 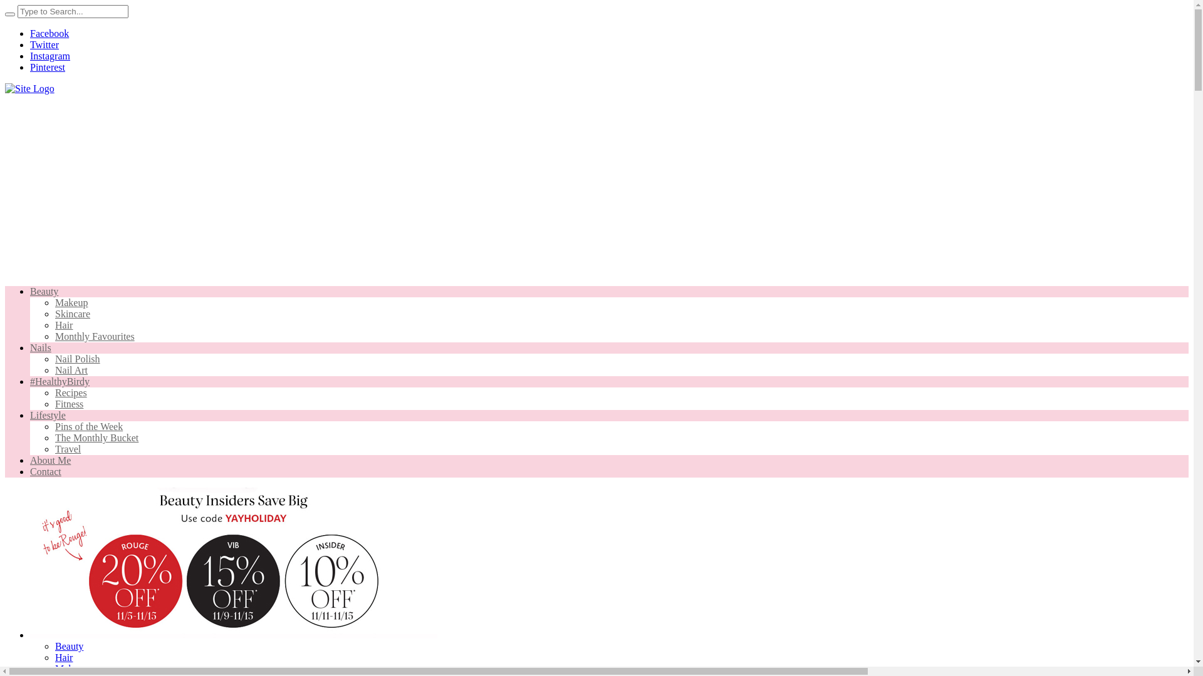 What do you see at coordinates (50, 55) in the screenshot?
I see `'Instagram'` at bounding box center [50, 55].